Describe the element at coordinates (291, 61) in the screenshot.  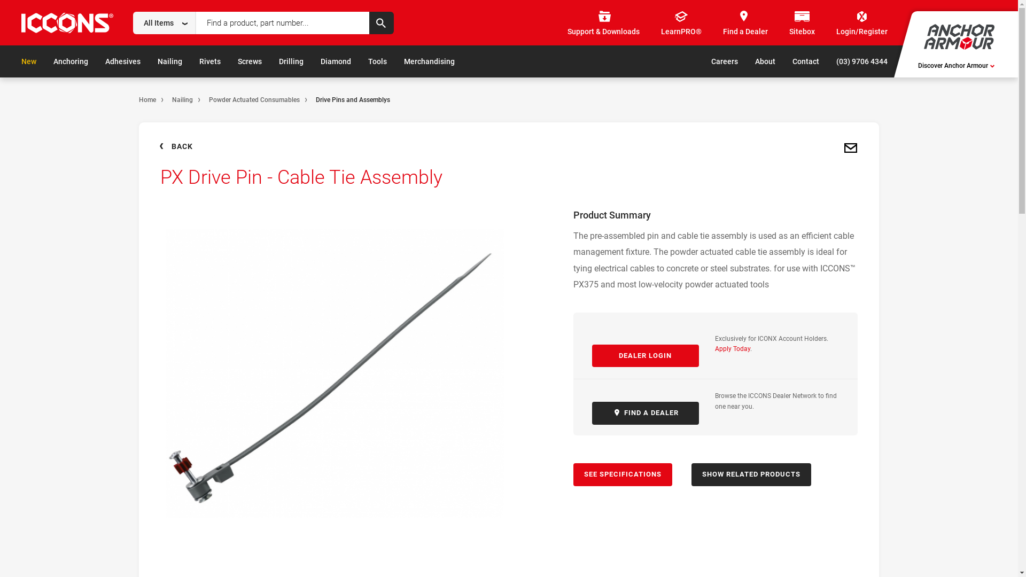
I see `'Drilling'` at that location.